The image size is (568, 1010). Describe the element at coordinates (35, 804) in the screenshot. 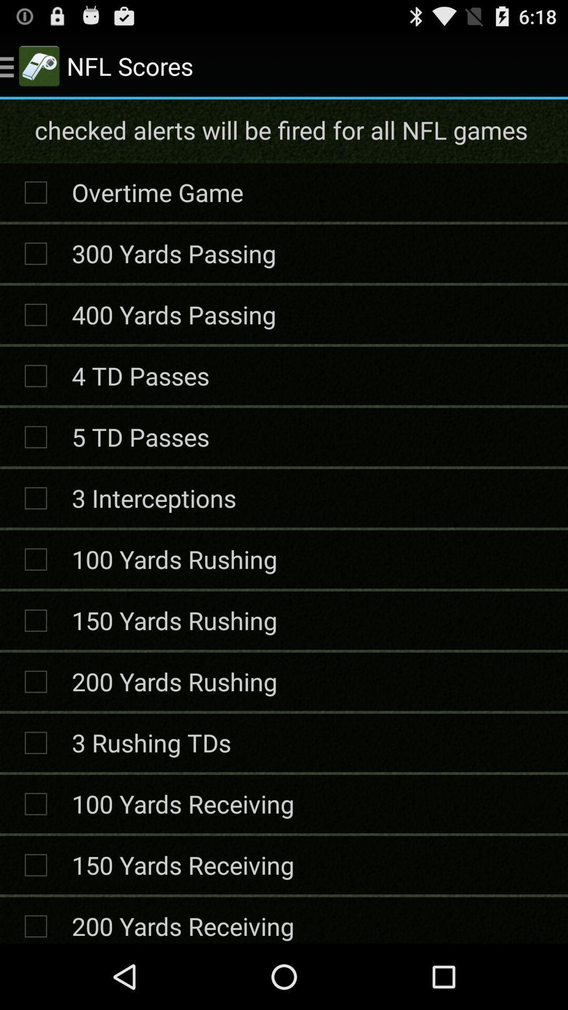

I see `check box left to 100 yards receiving` at that location.